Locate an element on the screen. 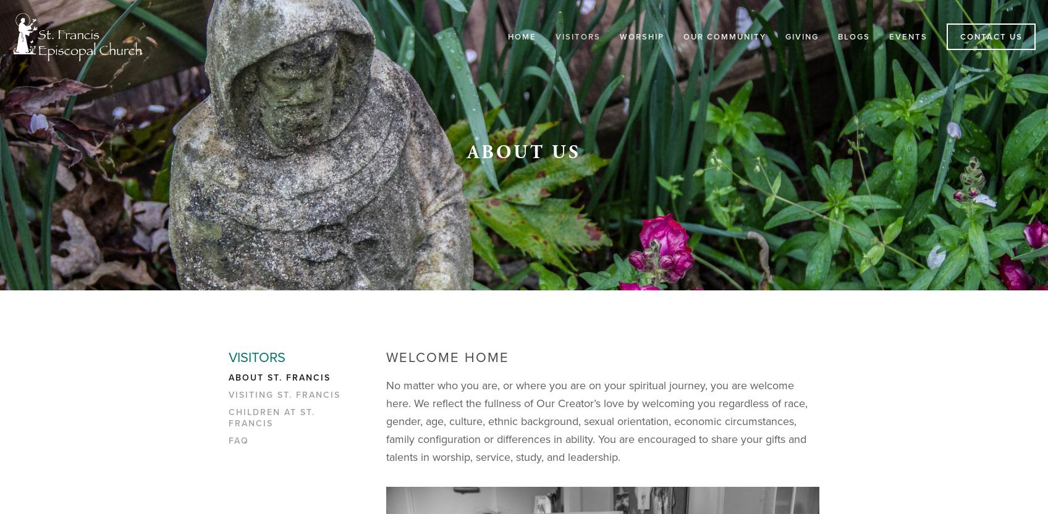  'Visiting St. Francis' is located at coordinates (228, 395).